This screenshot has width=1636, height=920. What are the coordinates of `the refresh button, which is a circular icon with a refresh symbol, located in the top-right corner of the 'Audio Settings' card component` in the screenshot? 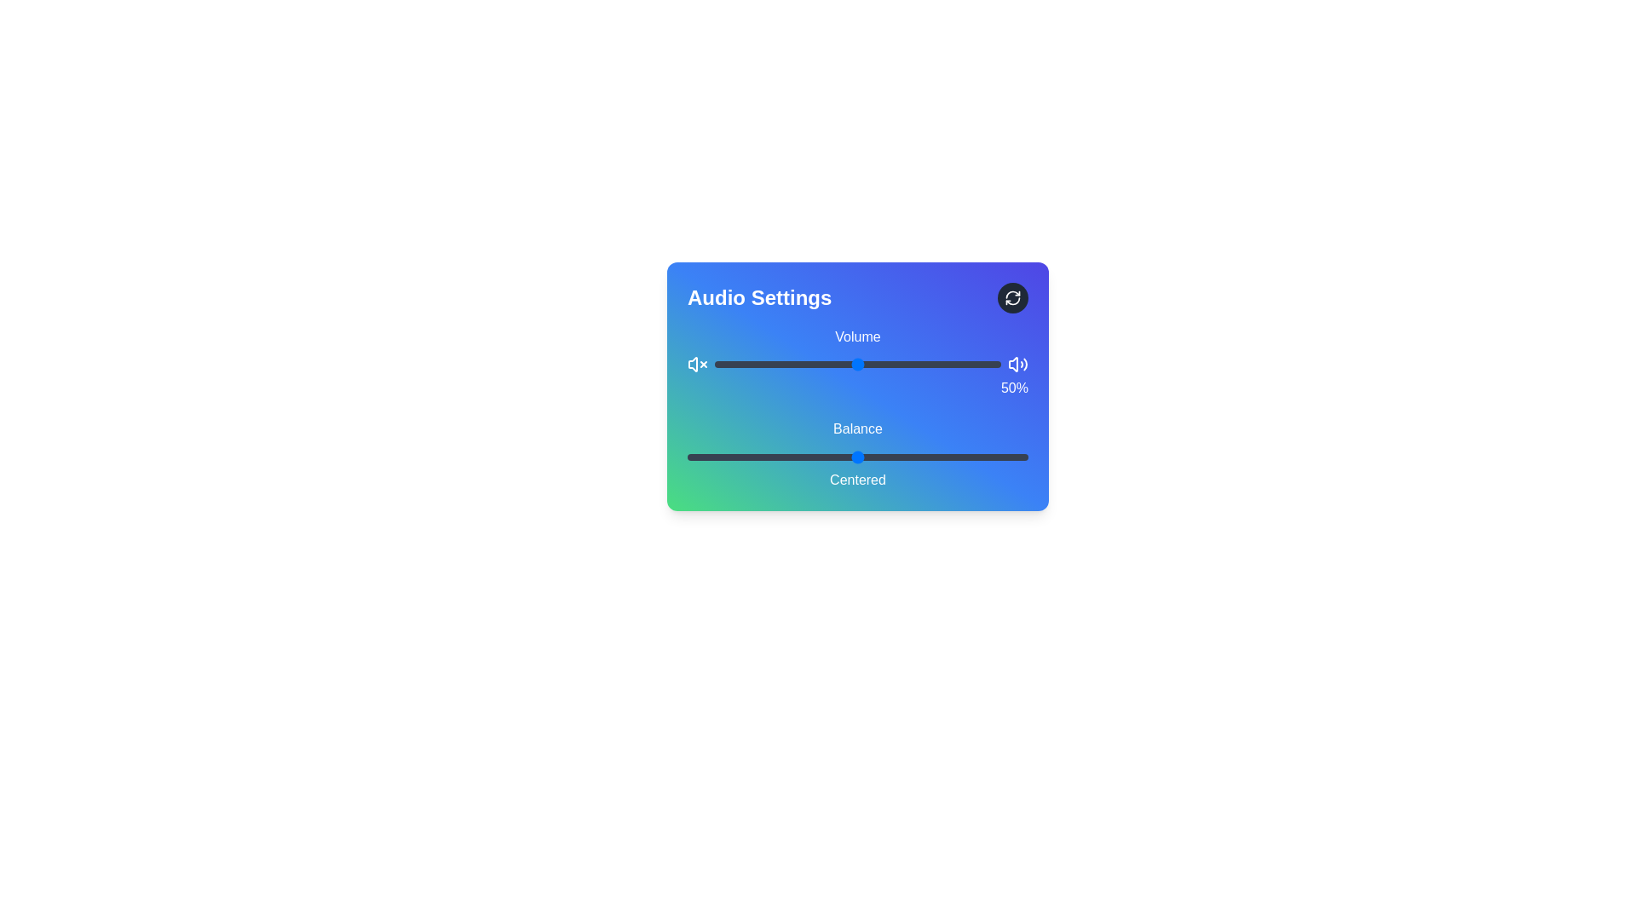 It's located at (1013, 297).